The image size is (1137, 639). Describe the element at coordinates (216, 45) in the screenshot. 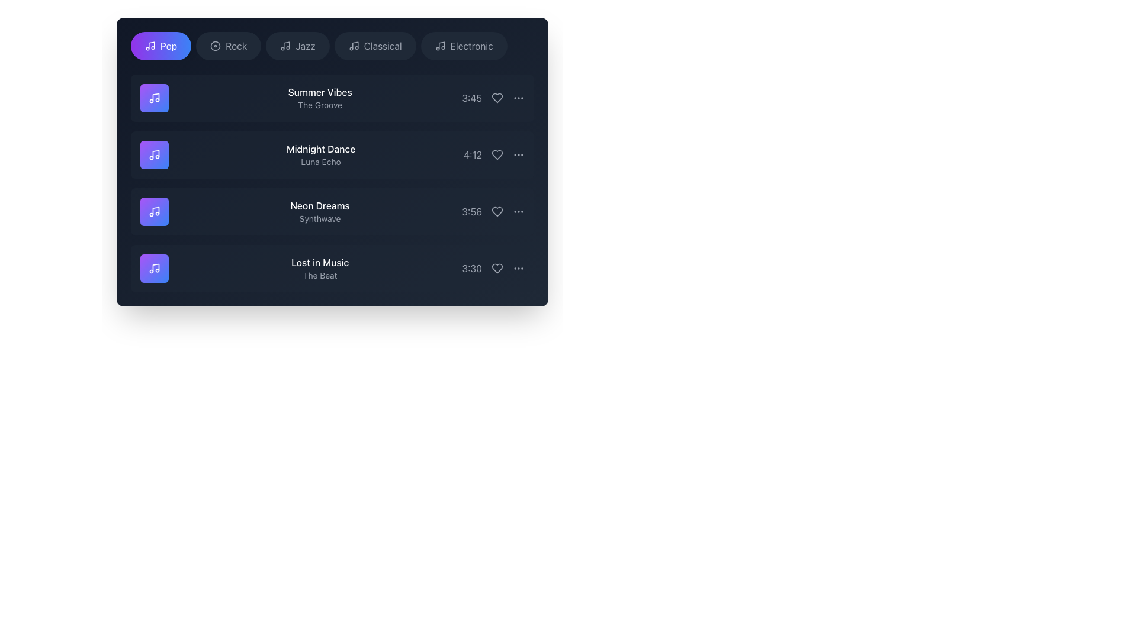

I see `the circular icon representing the 'Rock' music genre located in the second tab of the navigation bar, between the 'Pop' and 'Jazz' tabs` at that location.